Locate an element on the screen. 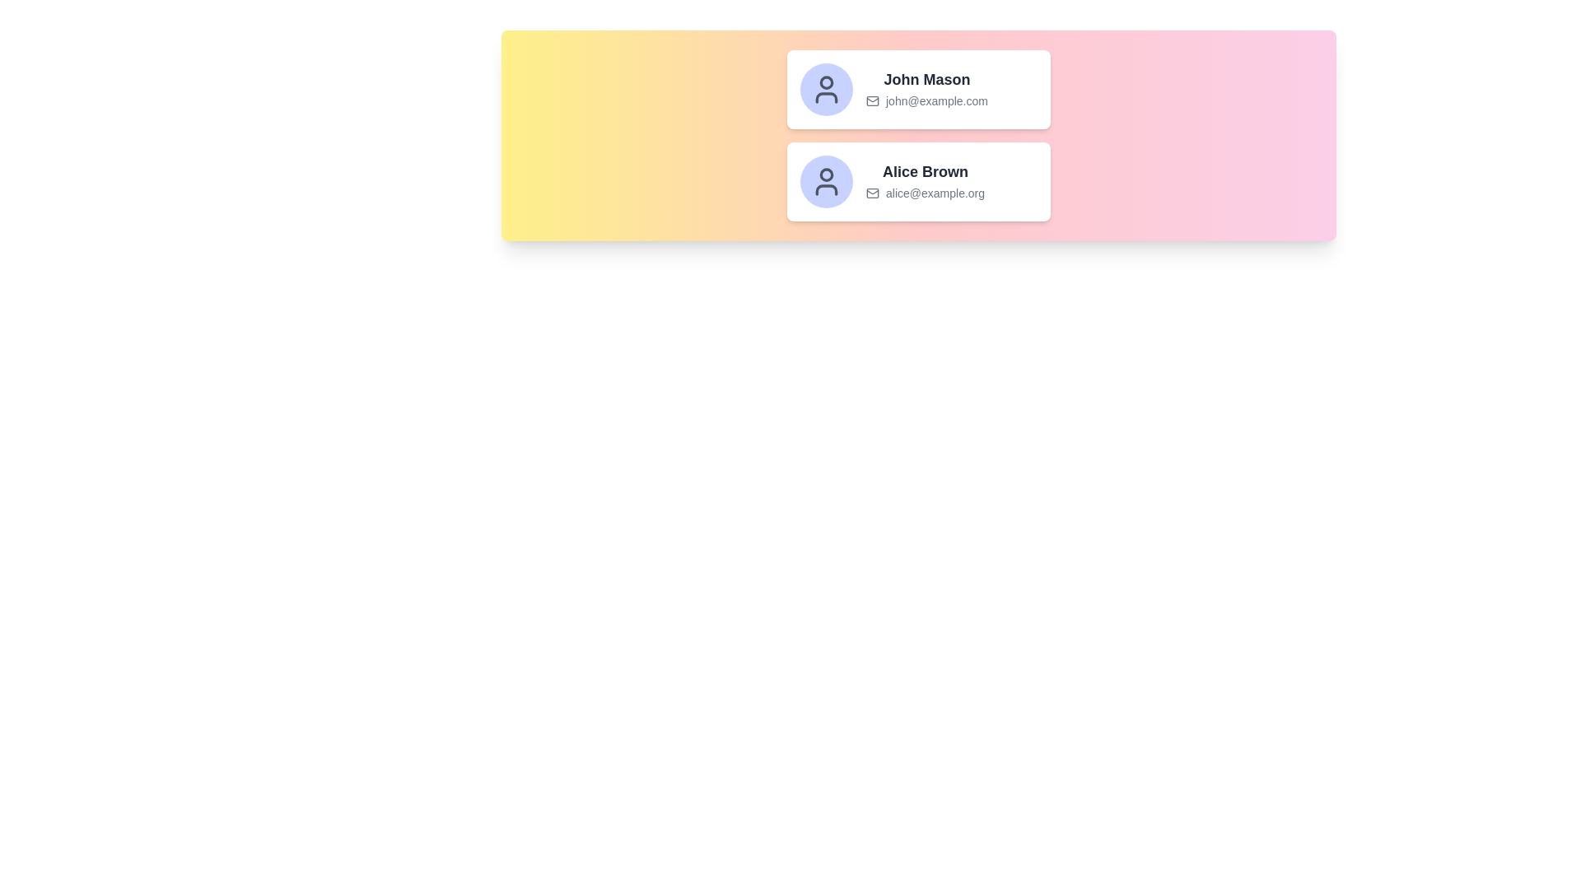 The height and width of the screenshot is (889, 1581). the lower part of the user icon in the second user's profile card is located at coordinates (826, 189).